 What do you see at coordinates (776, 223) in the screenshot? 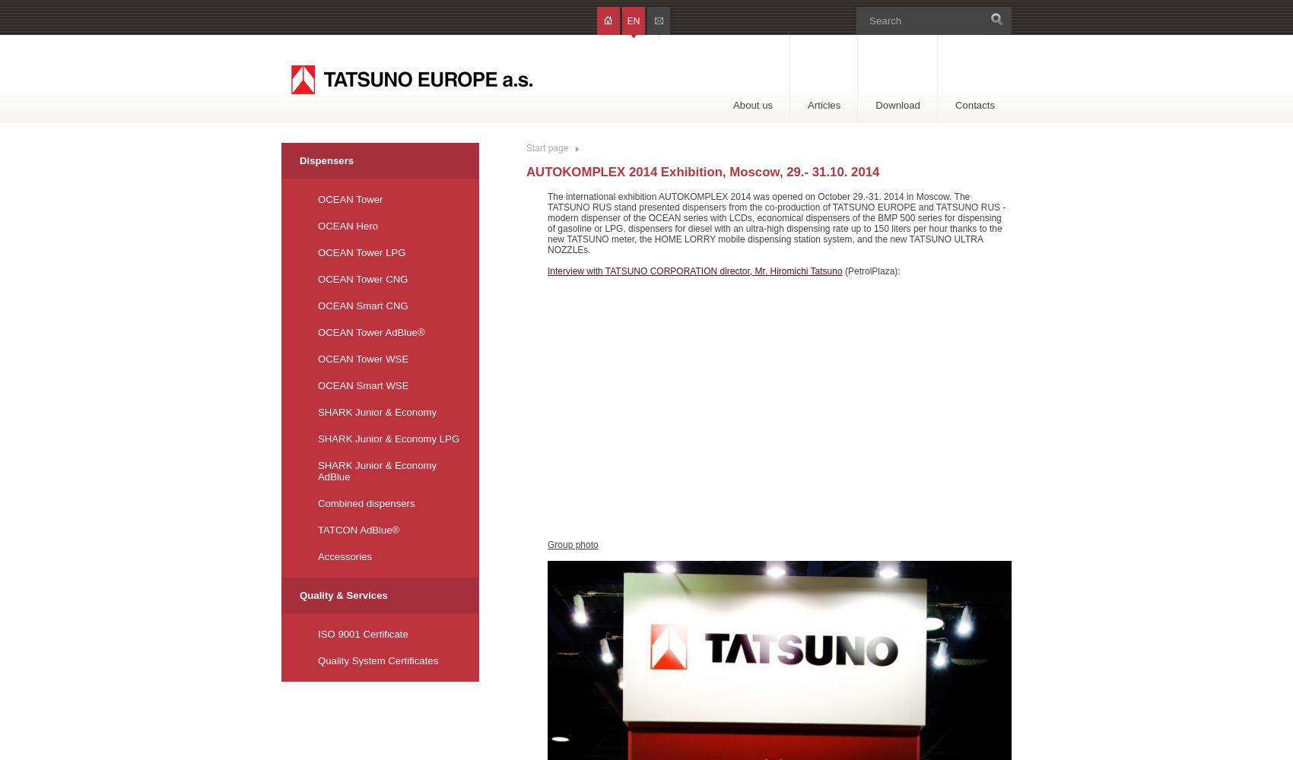
I see `'The international exhibition AUTOKOMPLEX 2014 was opened on October 29.-31. 2014 in Moscow. The TATSUNO RUS stand presented dispensers from the co-production of TATSUNO EUROPE and TATSUNO RUS - modern dispenser of the OCEAN series with LCDs, economical dispensers of the BMP 500 series for dispensing of gasoline or LPG, dispensers for diesel with an ultra-high dispensing rate up to 150 liters per hour thanks to the new TATSUNO meter, the HOME LORRY mobile dispensing station system, and the new TATSUNO ULTRA NOZZLEs.'` at bounding box center [776, 223].